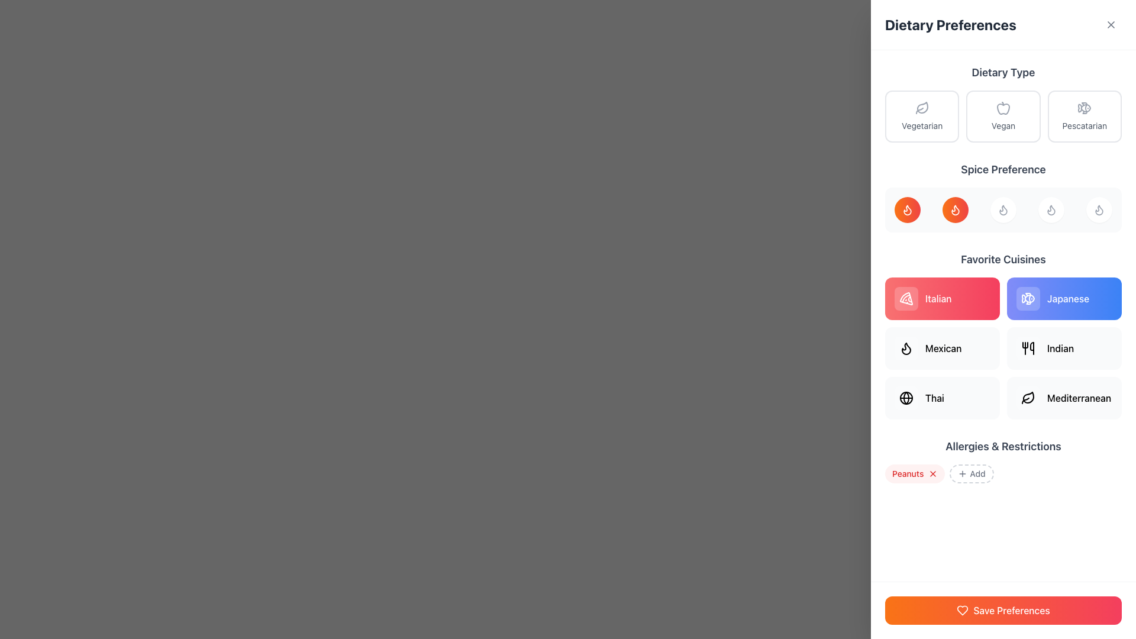 The height and width of the screenshot is (639, 1136). I want to click on the 'Mediterranean' cuisine icon in the 'Favorite Cuisines' section, so click(1028, 397).